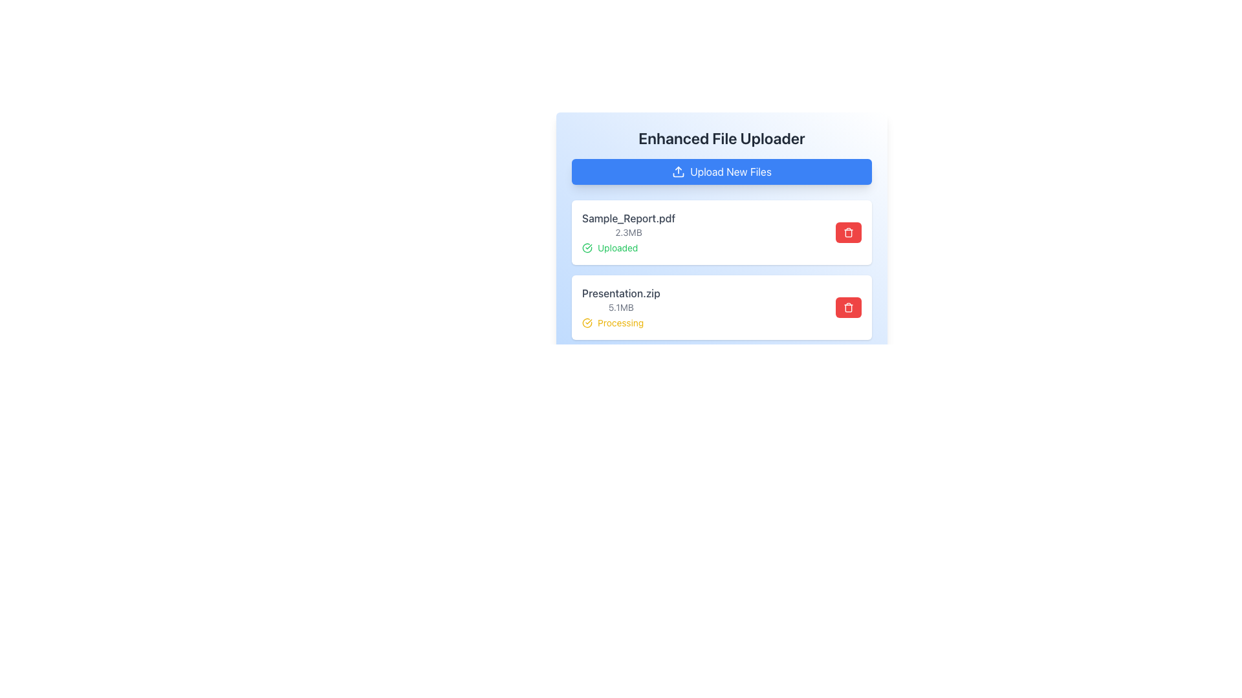 This screenshot has width=1242, height=698. Describe the element at coordinates (721, 171) in the screenshot. I see `the rectangular button with a blue background and white text labeled 'Upload New Files'` at that location.